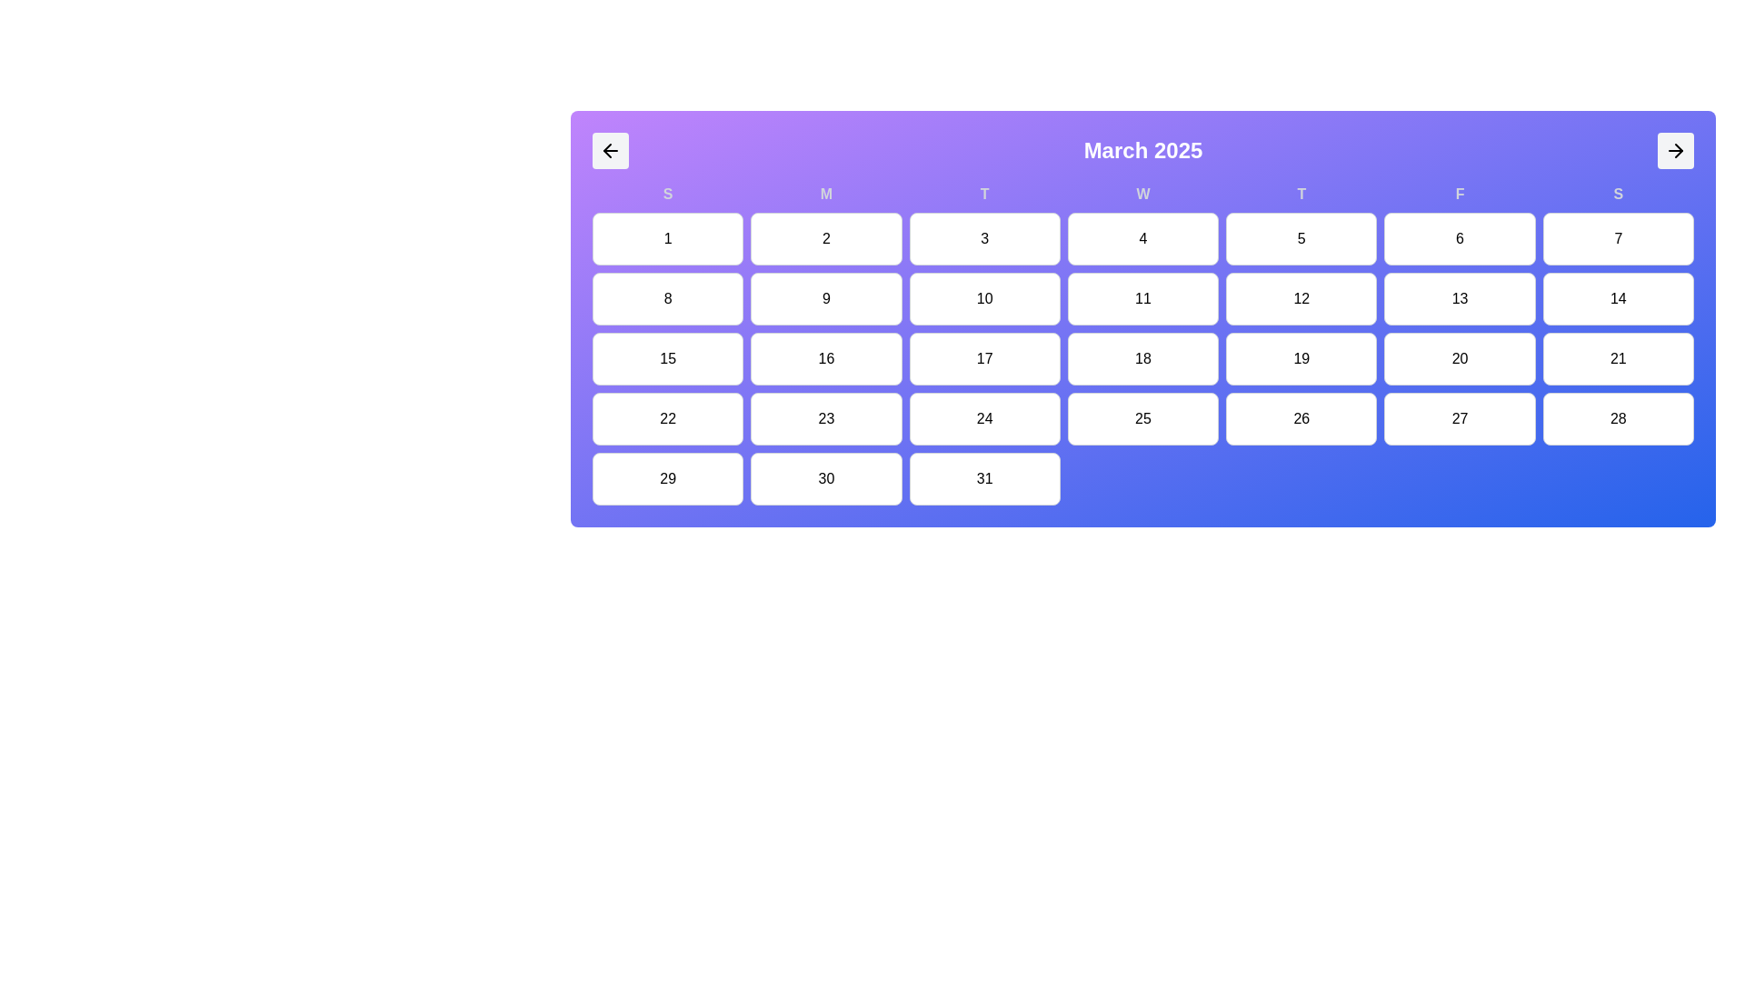 The height and width of the screenshot is (982, 1745). Describe the element at coordinates (983, 419) in the screenshot. I see `the button displaying '24' in the calendar grid` at that location.